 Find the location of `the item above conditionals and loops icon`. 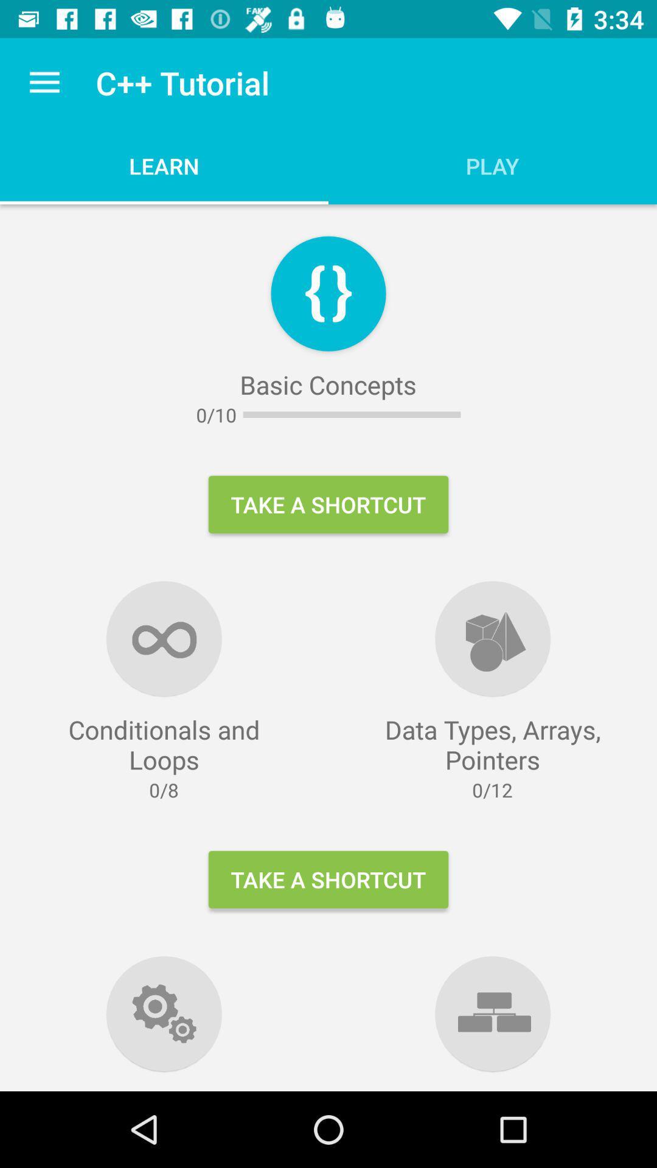

the item above conditionals and loops icon is located at coordinates (44, 82).